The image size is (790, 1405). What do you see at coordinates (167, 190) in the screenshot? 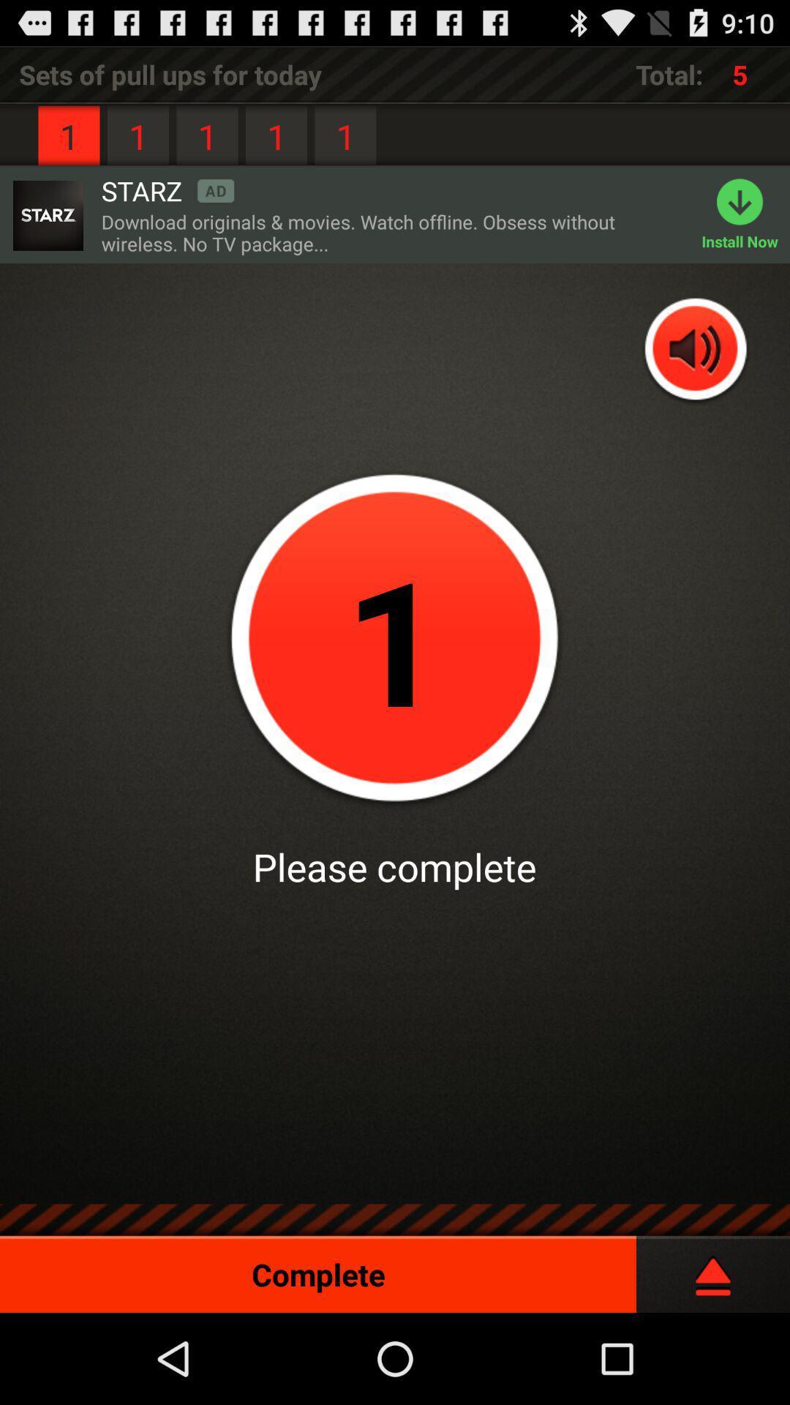
I see `starz icon` at bounding box center [167, 190].